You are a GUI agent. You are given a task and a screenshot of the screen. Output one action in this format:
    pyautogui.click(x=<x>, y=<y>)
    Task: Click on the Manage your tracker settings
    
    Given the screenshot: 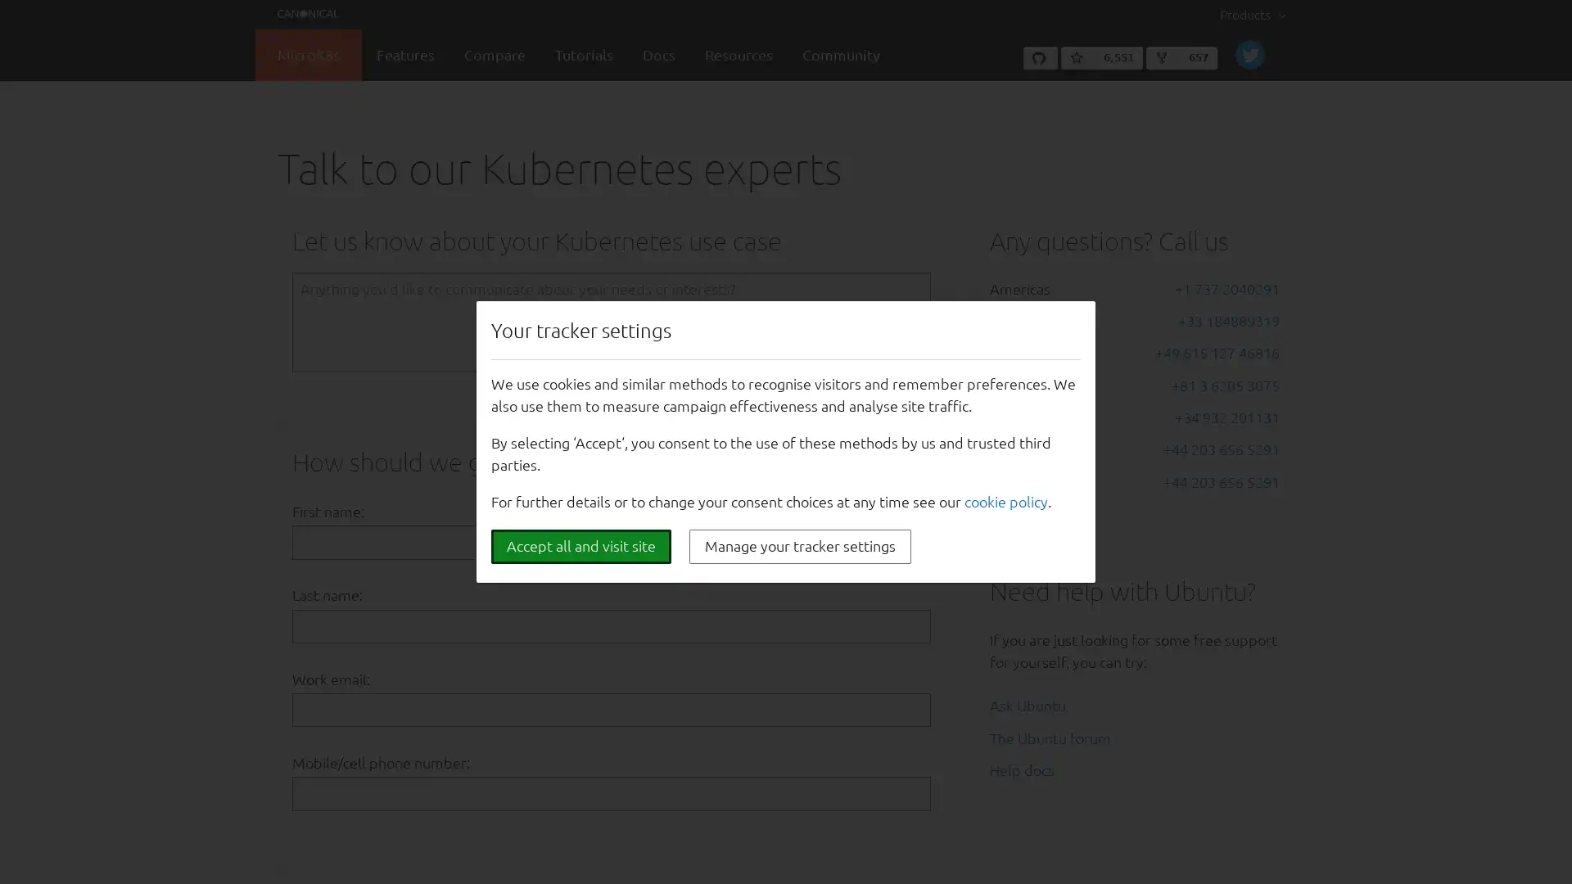 What is the action you would take?
    pyautogui.click(x=800, y=546)
    